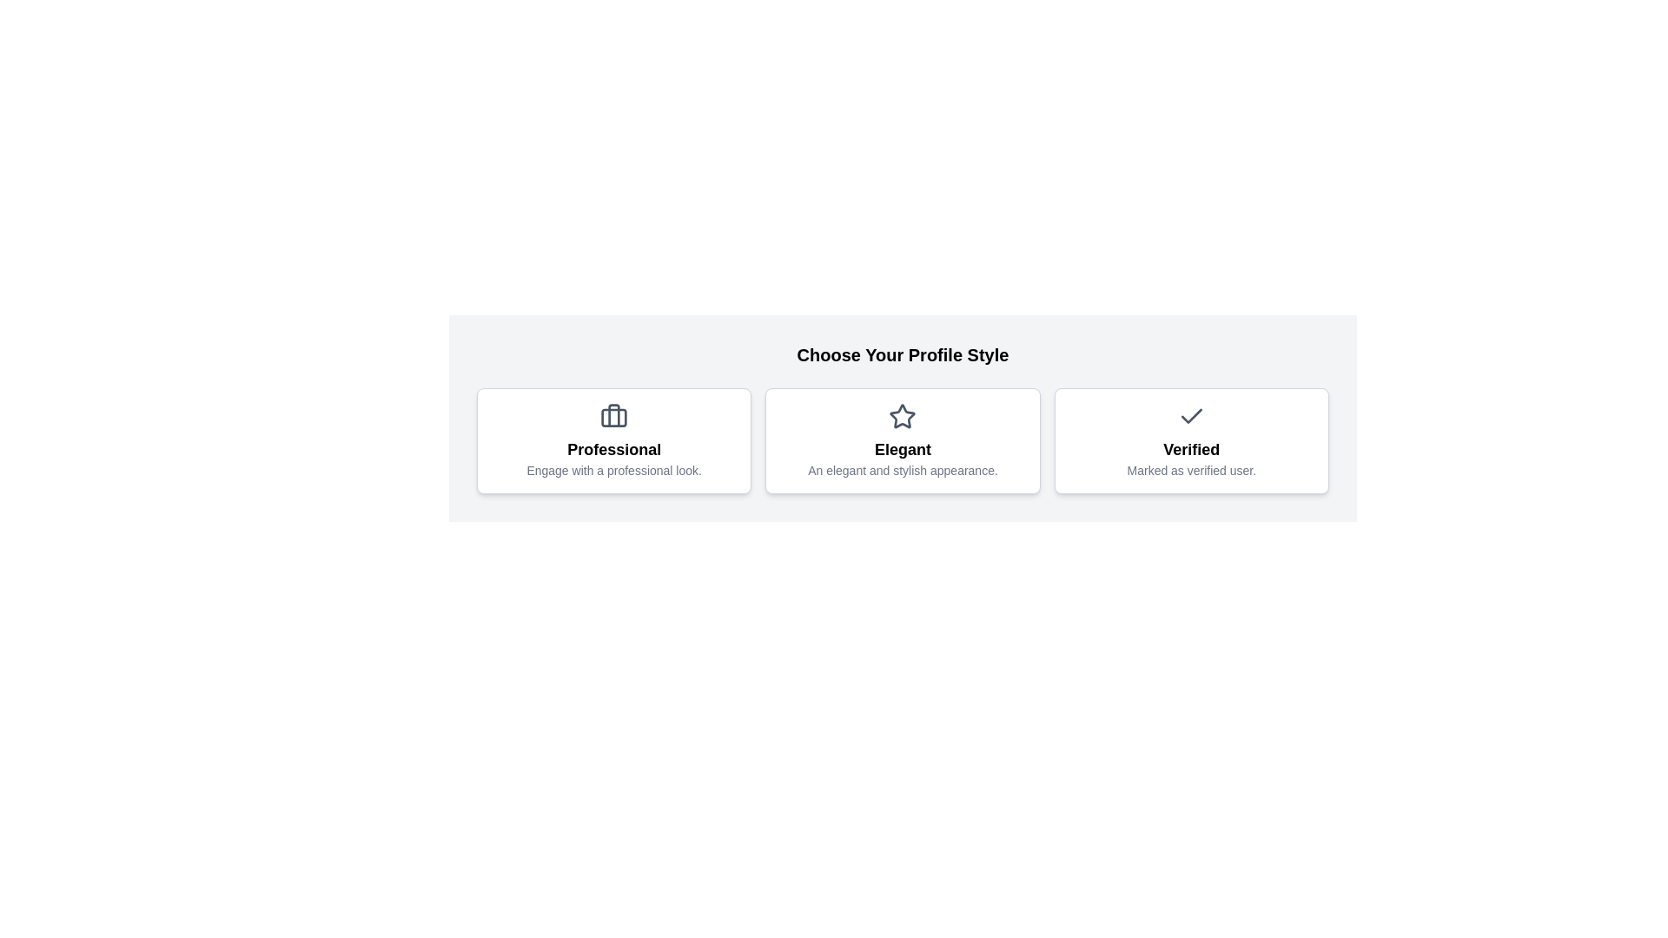 The width and height of the screenshot is (1668, 938). Describe the element at coordinates (902, 440) in the screenshot. I see `the profile style Elegant by clicking on its respective button` at that location.